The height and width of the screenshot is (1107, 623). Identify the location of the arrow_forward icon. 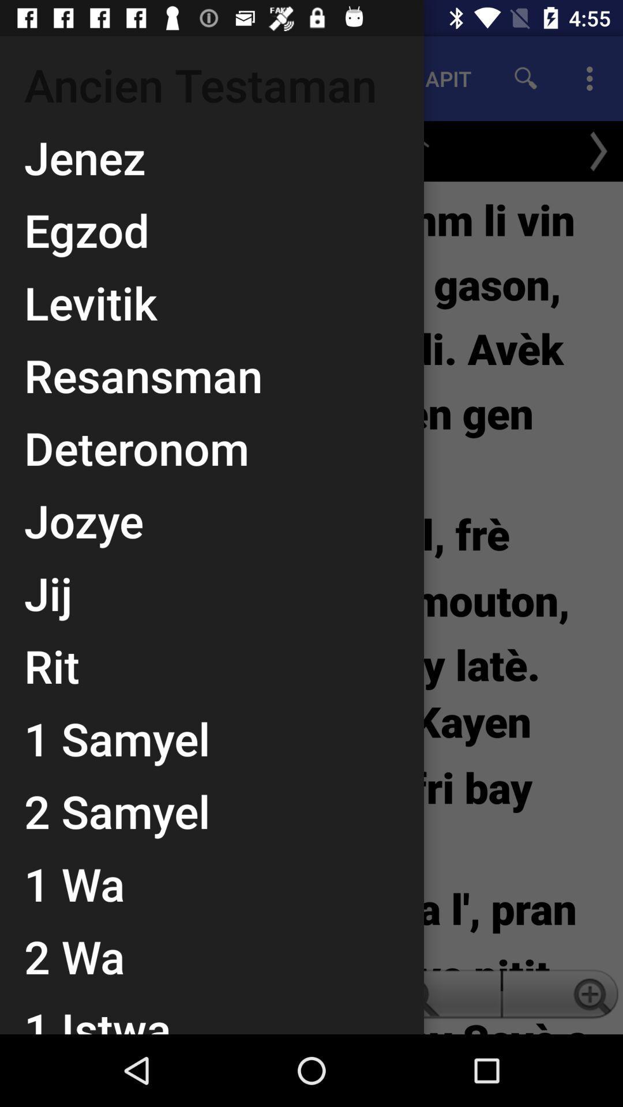
(598, 150).